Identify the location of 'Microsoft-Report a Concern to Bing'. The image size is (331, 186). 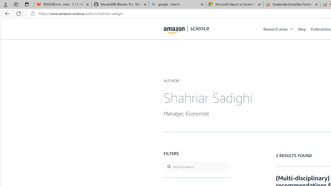
(234, 4).